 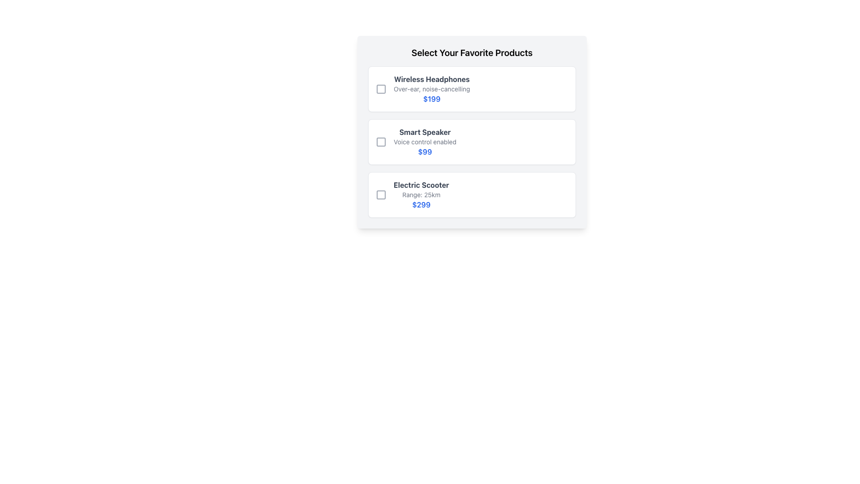 What do you see at coordinates (425, 132) in the screenshot?
I see `the 'Smart Speaker' product title located in the second product card, which is the first line of text above the description 'Voice control enabled' and the price '$99'` at bounding box center [425, 132].